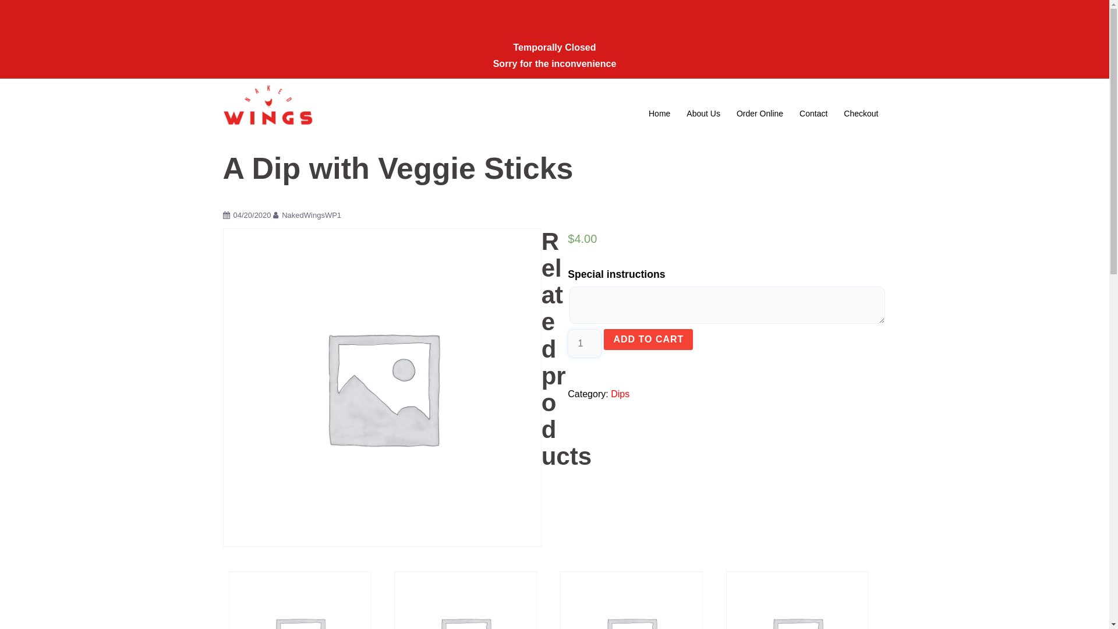  I want to click on 'Qty', so click(584, 343).